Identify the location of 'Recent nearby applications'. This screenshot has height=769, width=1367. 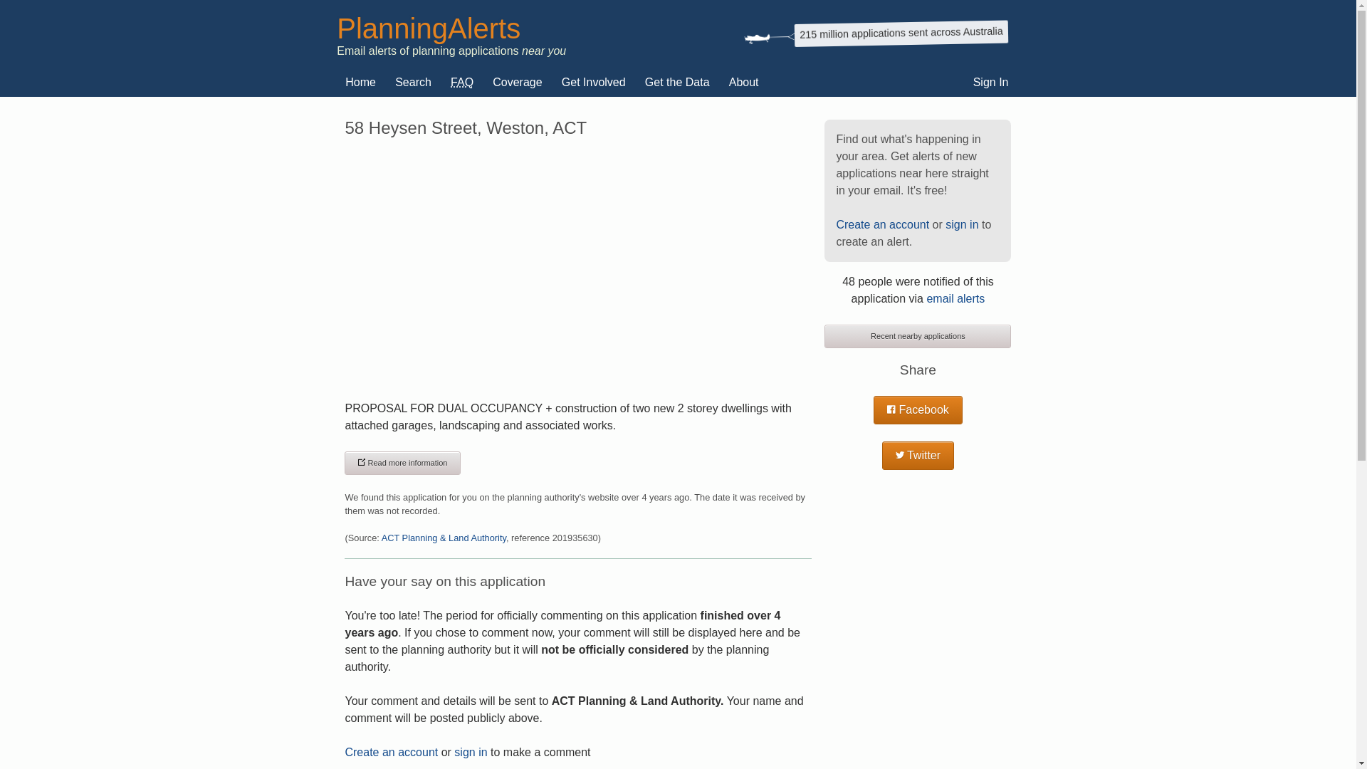
(918, 336).